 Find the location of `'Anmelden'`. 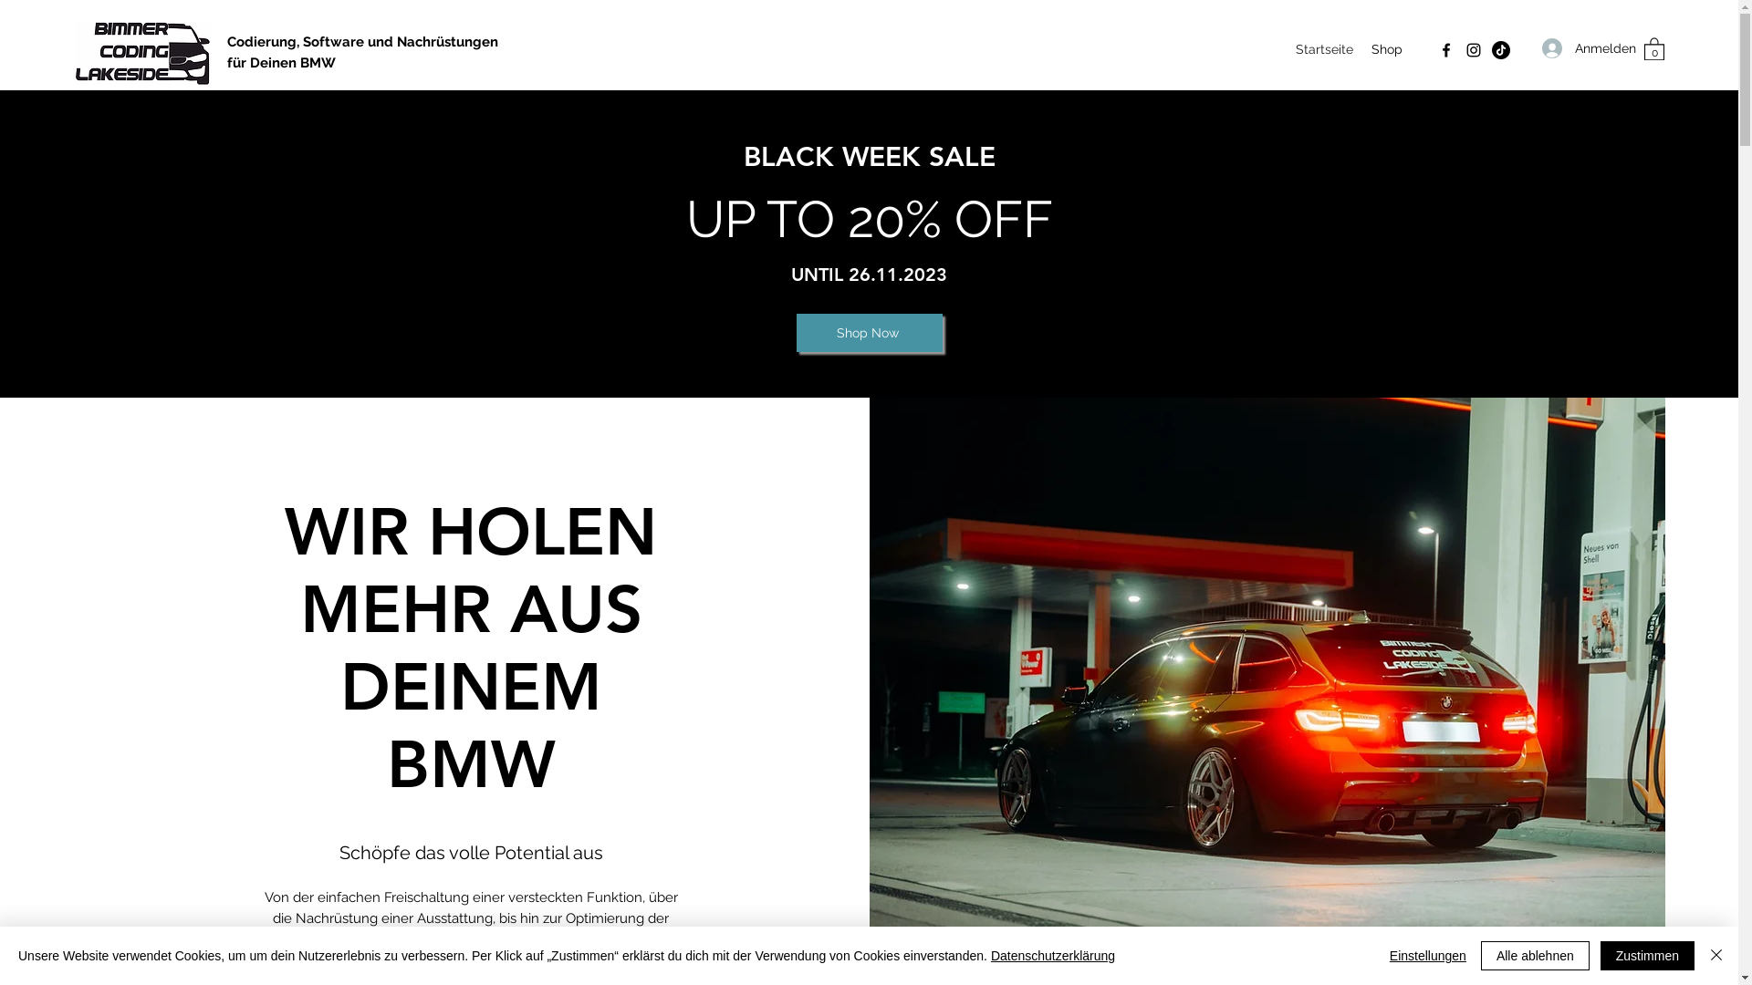

'Anmelden' is located at coordinates (1567, 47).